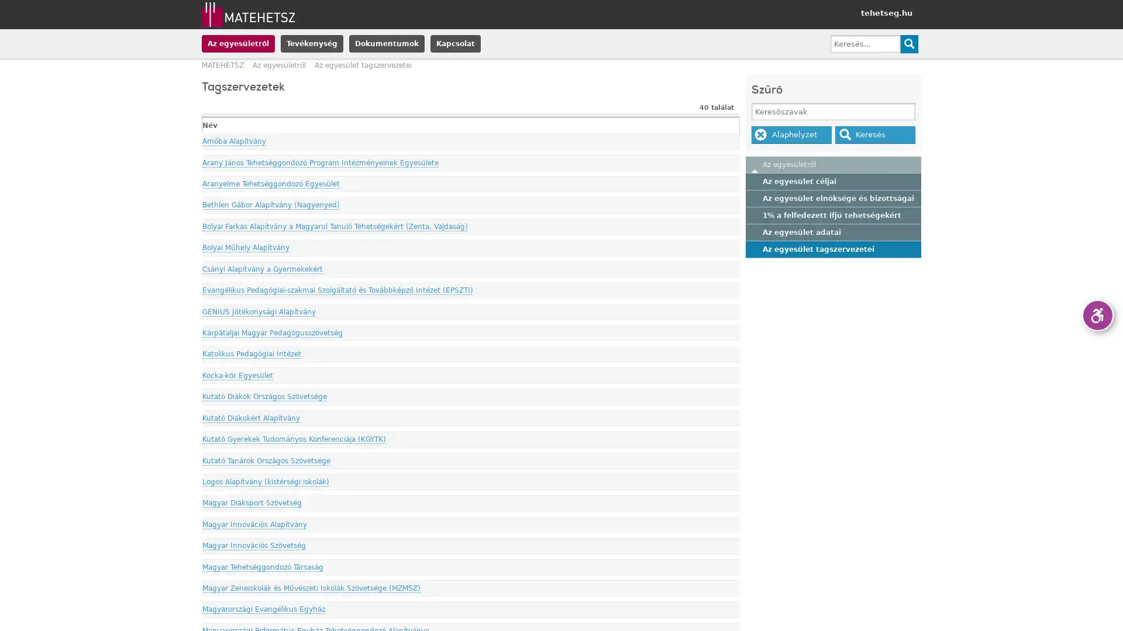  I want to click on Alaphelyzet, so click(791, 134).